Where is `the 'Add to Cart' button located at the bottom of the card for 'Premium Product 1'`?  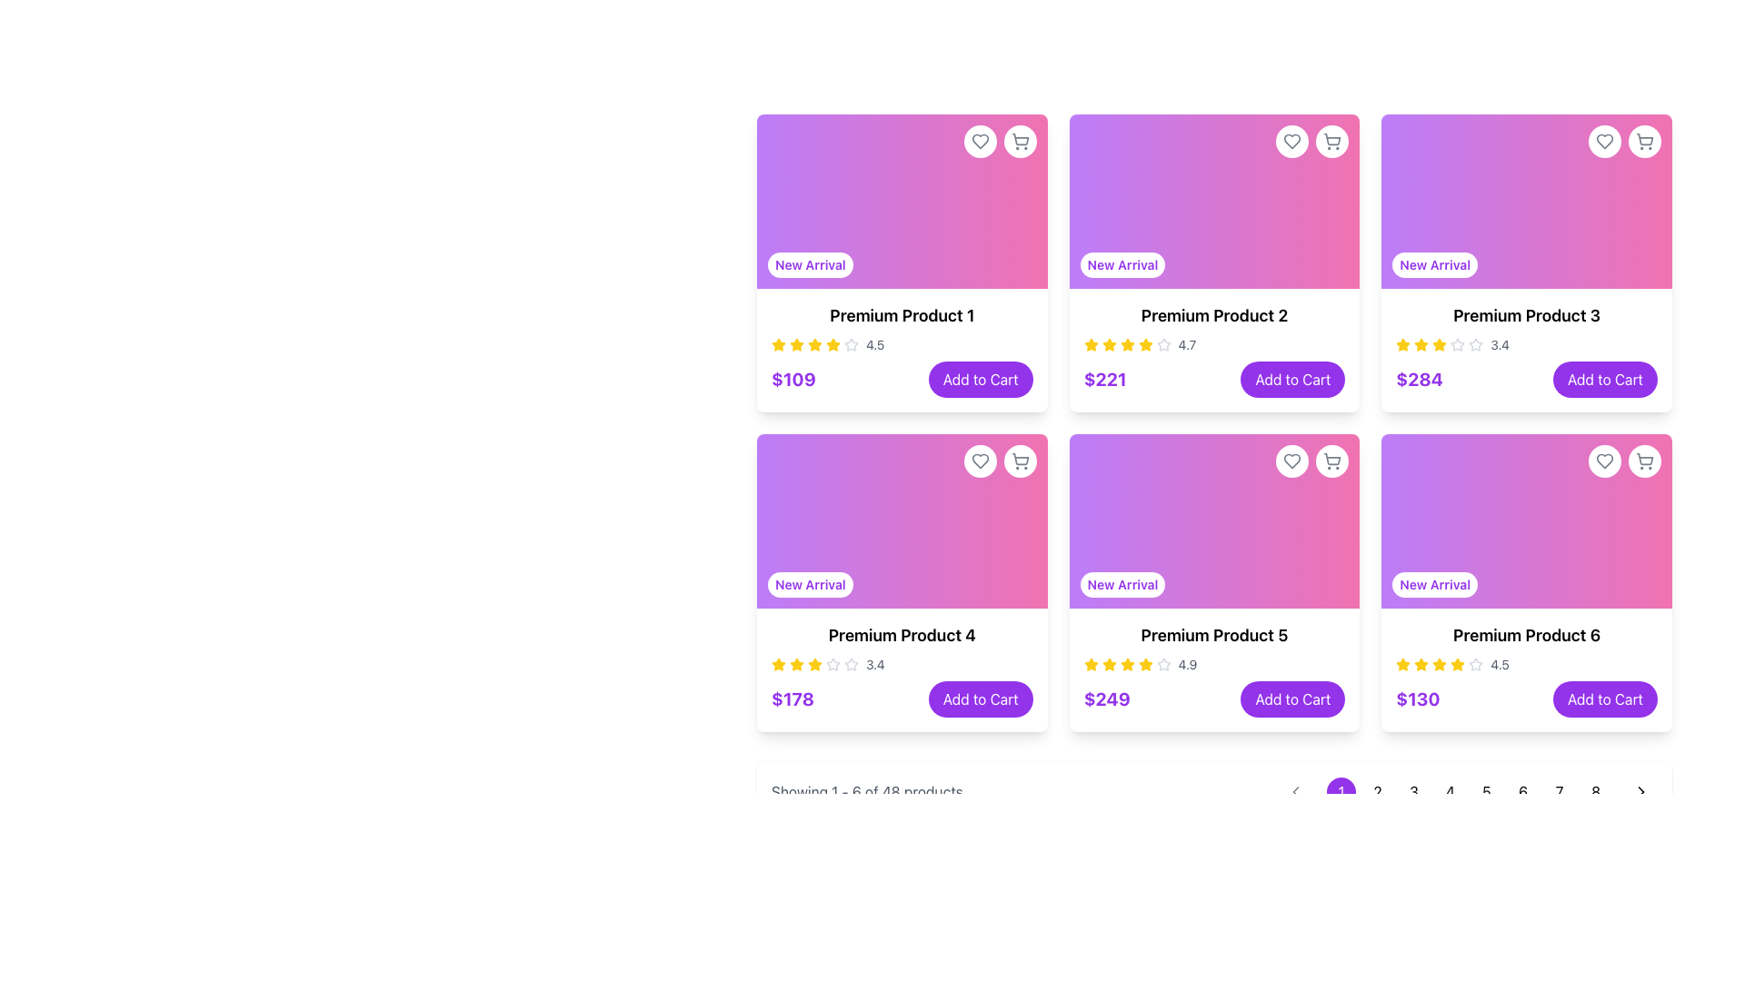
the 'Add to Cart' button located at the bottom of the card for 'Premium Product 1' is located at coordinates (902, 378).